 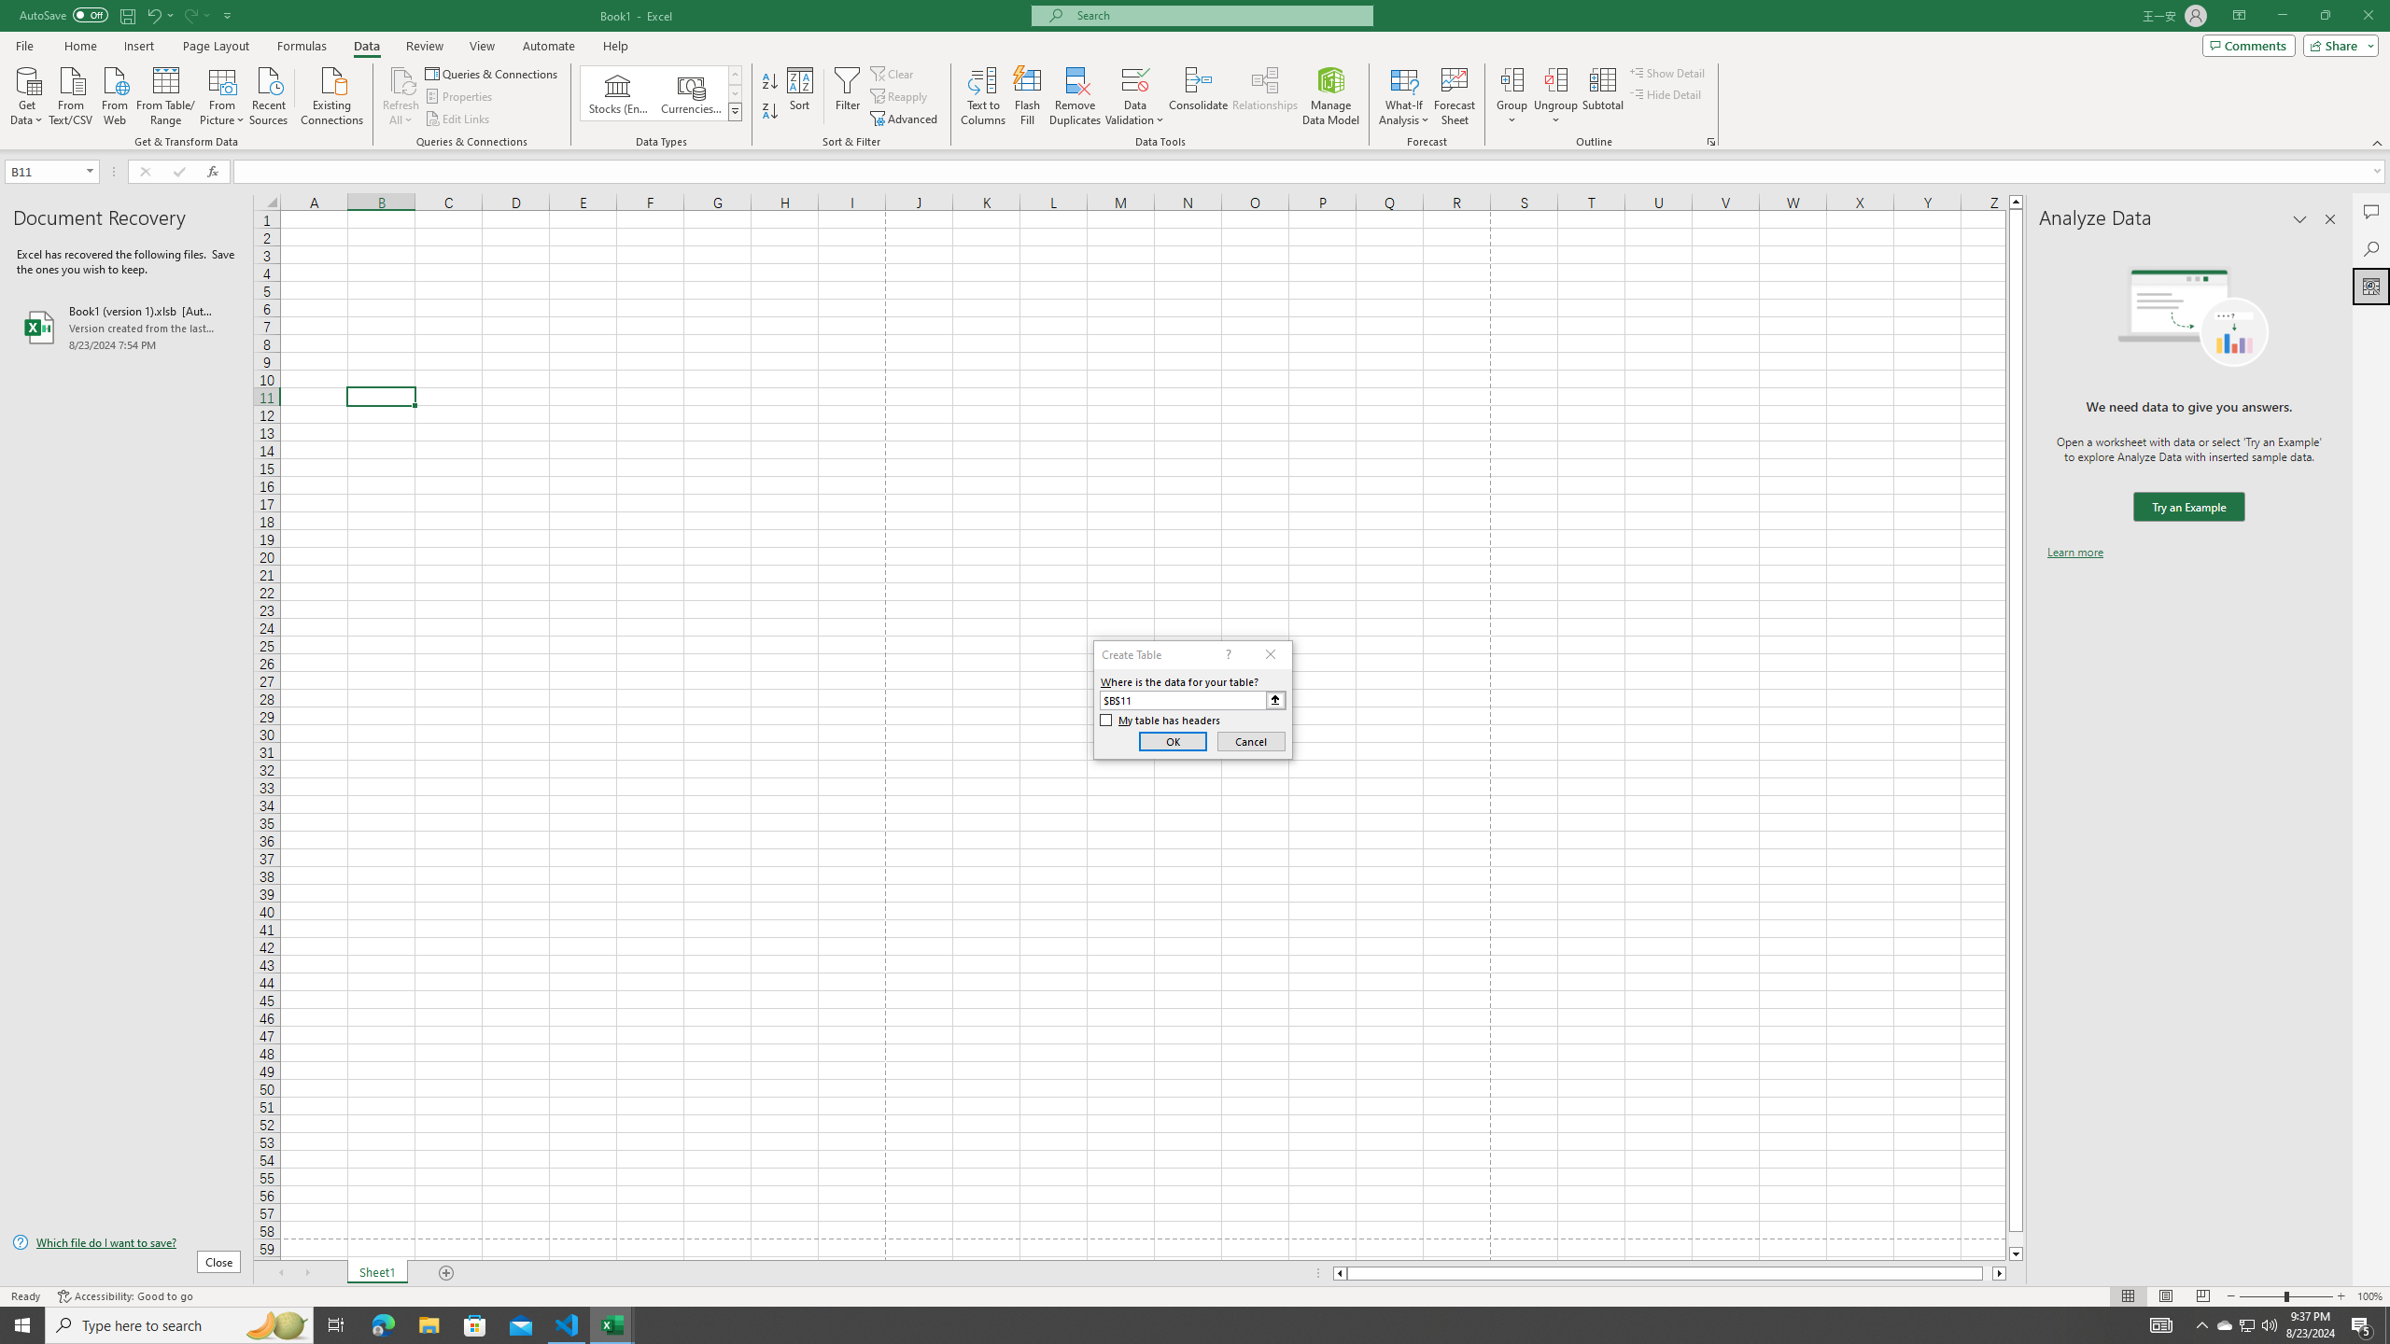 I want to click on 'Refresh All', so click(x=401, y=78).